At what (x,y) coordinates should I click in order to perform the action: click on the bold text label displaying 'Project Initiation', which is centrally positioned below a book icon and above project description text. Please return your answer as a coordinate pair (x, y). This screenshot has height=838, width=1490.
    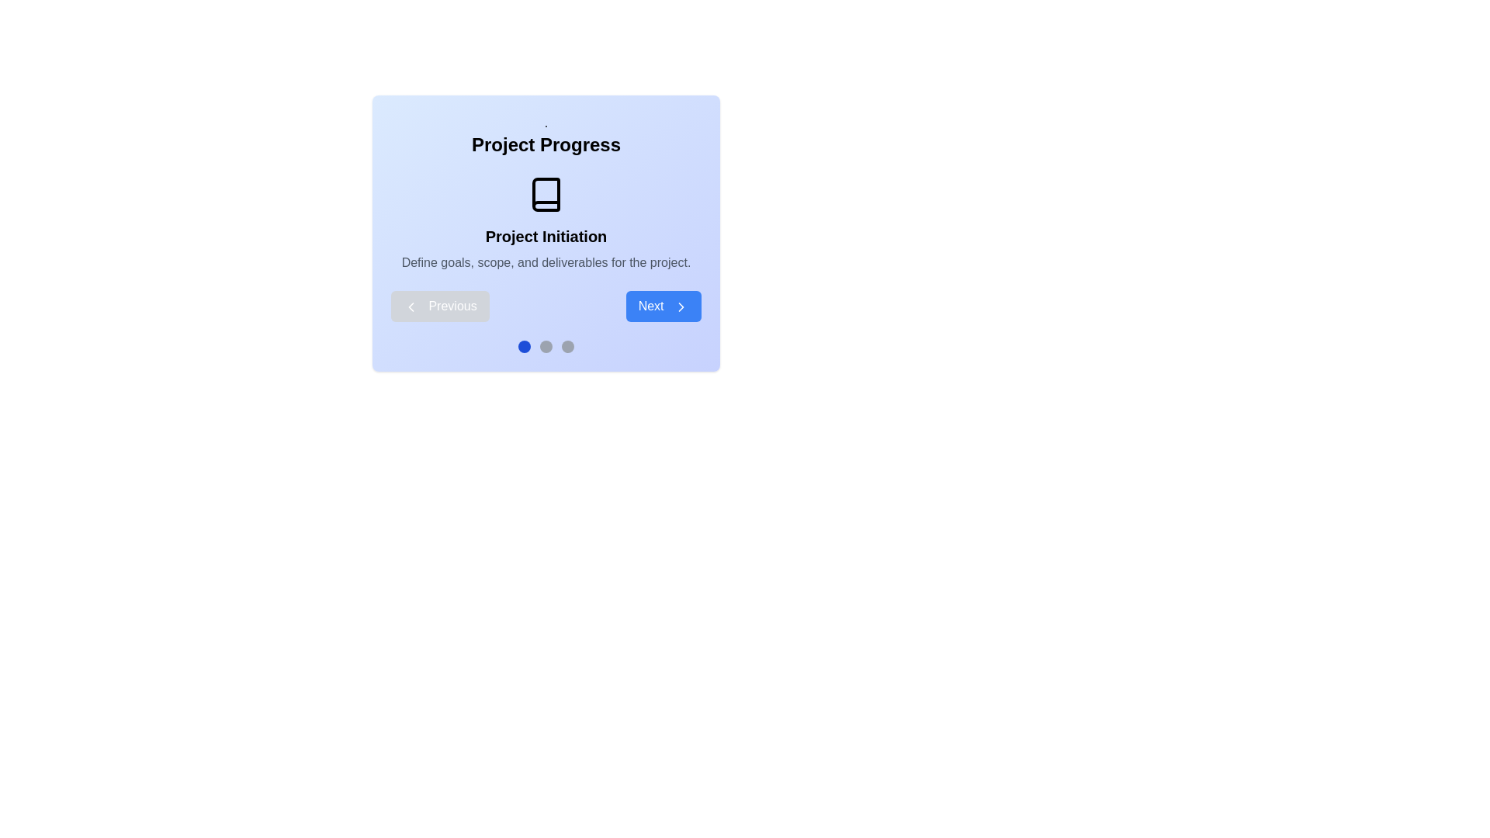
    Looking at the image, I should click on (546, 236).